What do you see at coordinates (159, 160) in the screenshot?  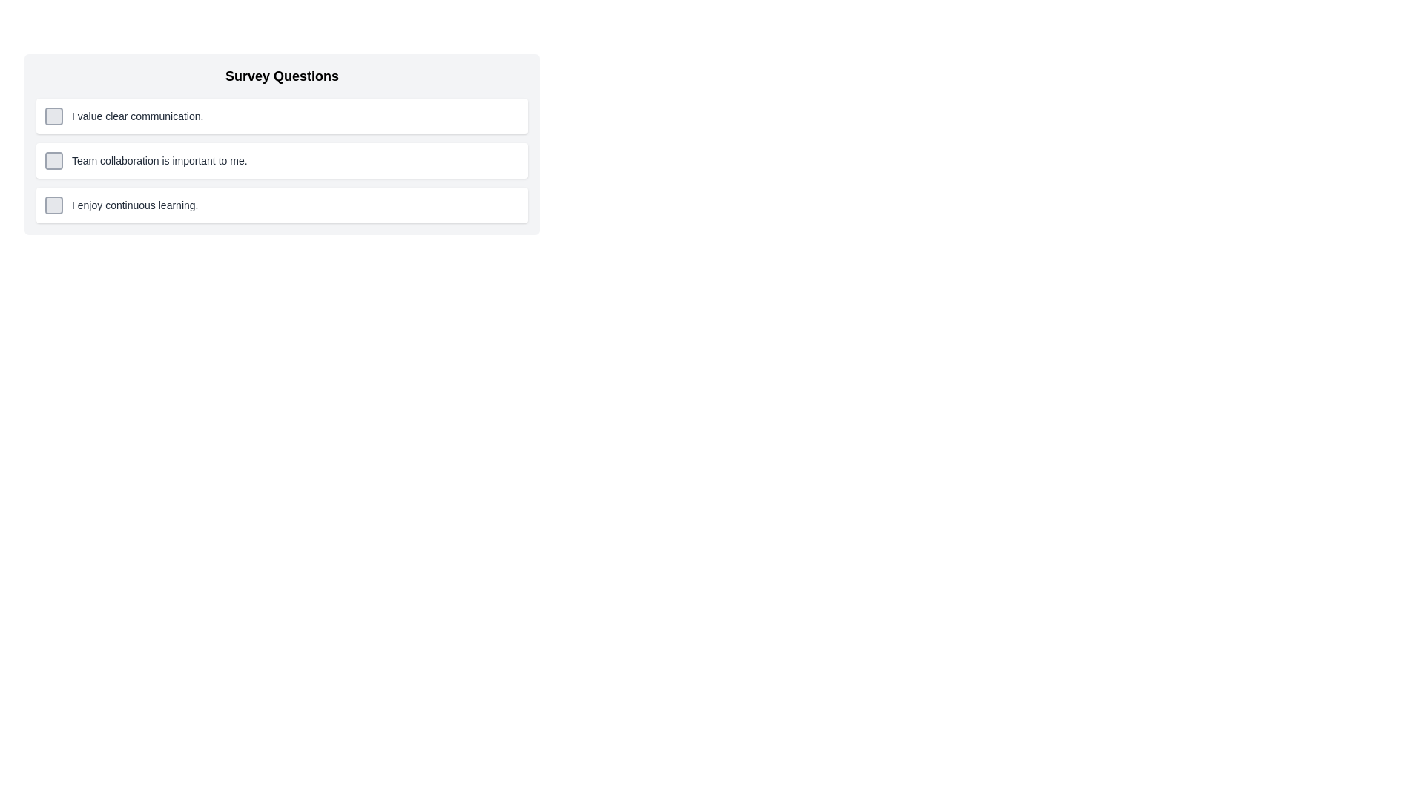 I see `the descriptive text element for the second survey question, which is centrally located in the list of questions under 'Survey Questions' and next to a checkbox` at bounding box center [159, 160].